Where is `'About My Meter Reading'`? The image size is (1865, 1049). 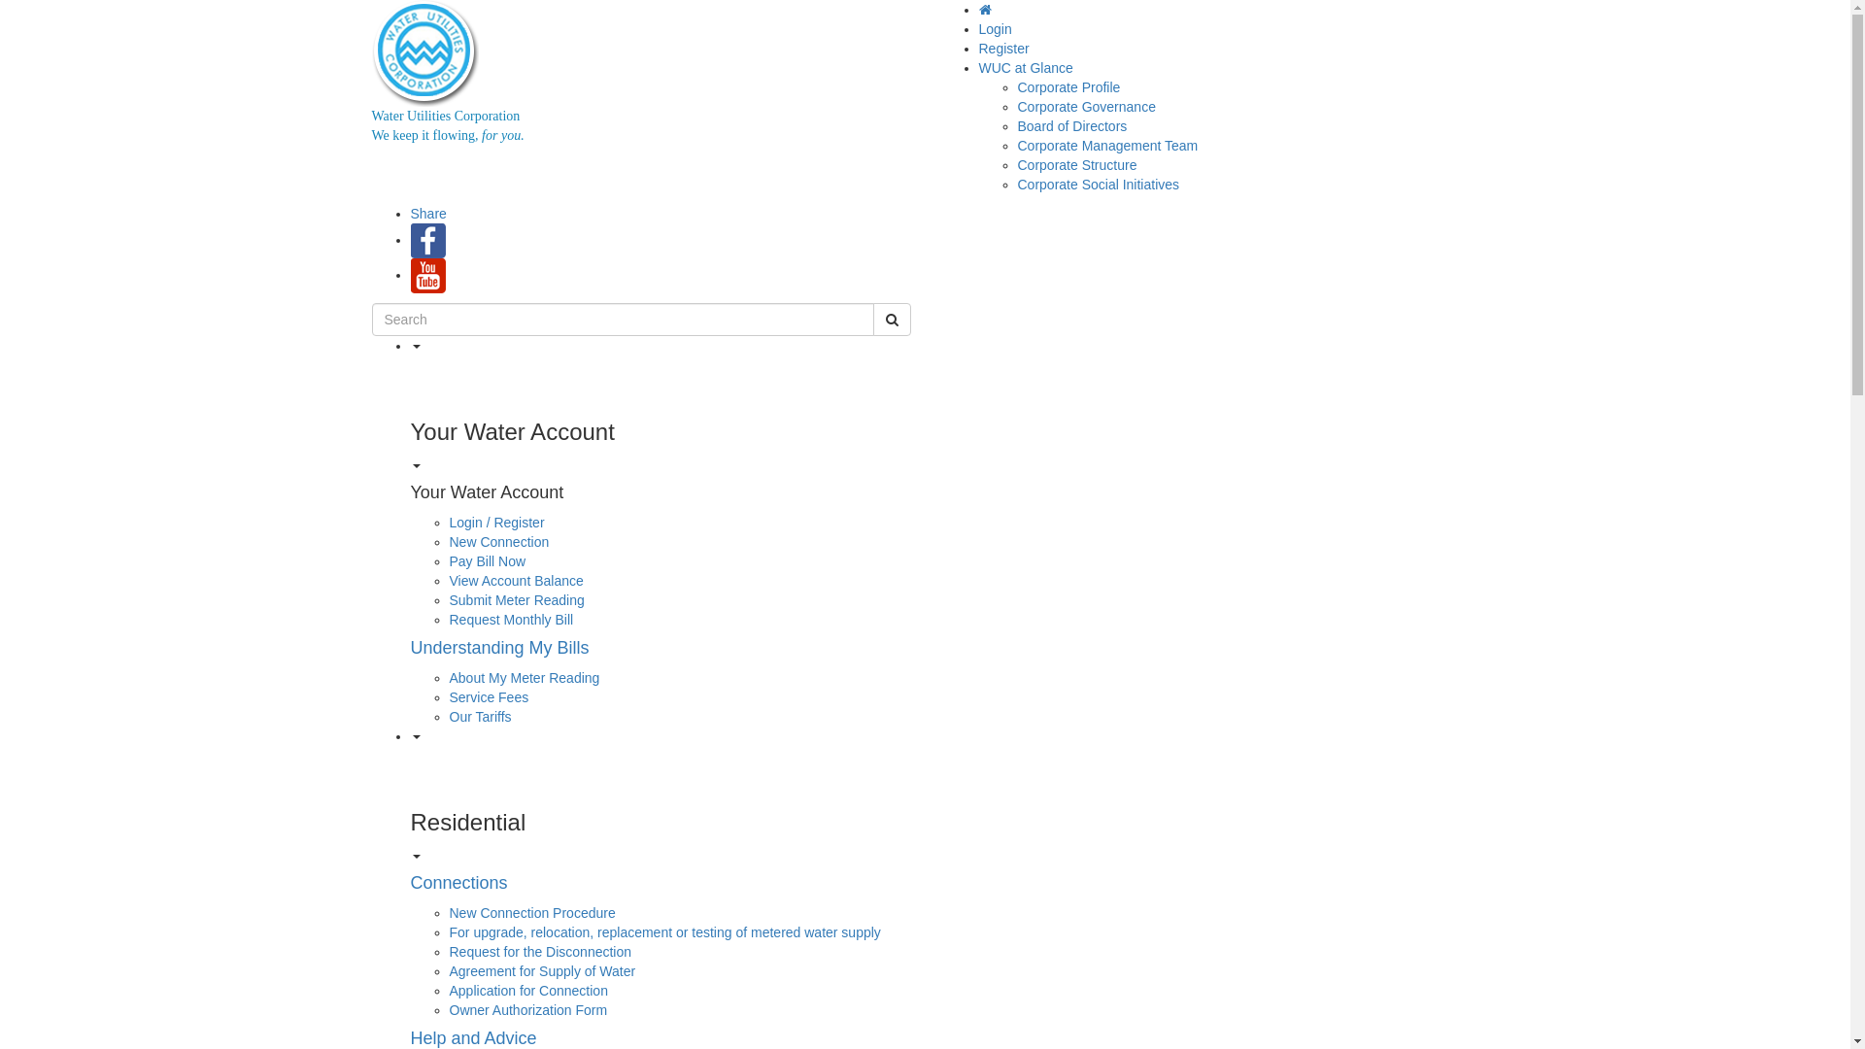
'About My Meter Reading' is located at coordinates (524, 677).